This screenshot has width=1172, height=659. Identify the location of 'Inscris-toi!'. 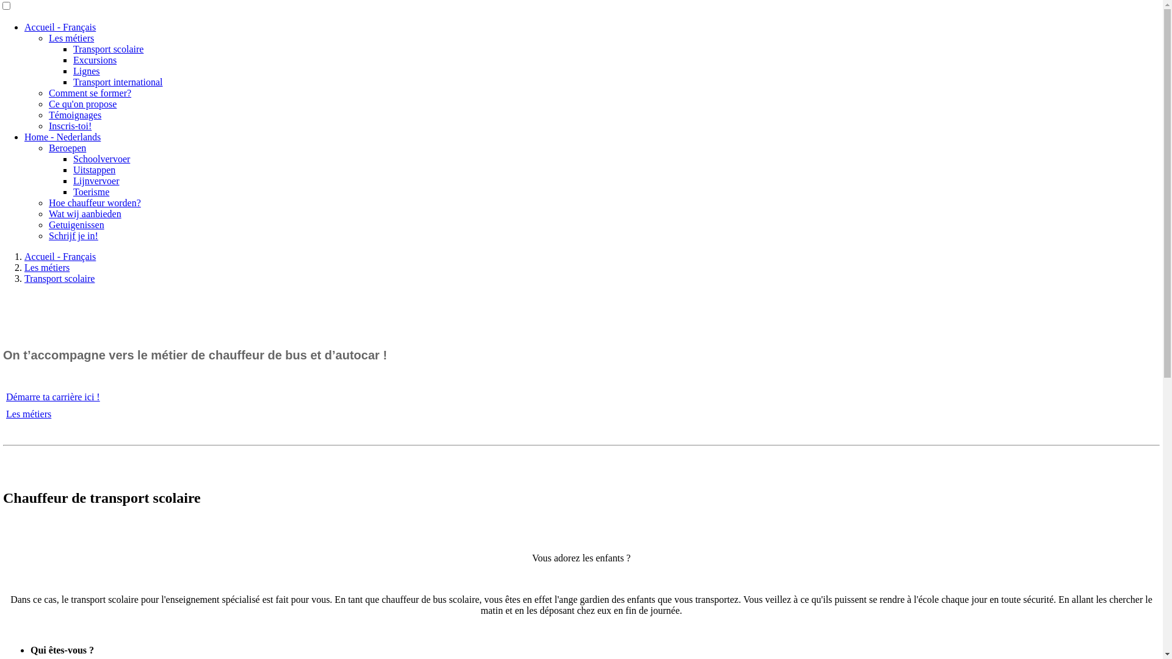
(70, 126).